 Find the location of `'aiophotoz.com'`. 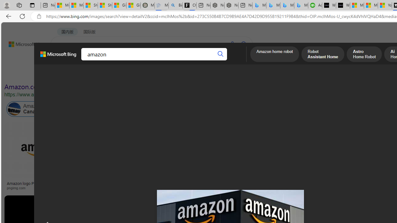

'aiophotoz.com' is located at coordinates (305, 187).